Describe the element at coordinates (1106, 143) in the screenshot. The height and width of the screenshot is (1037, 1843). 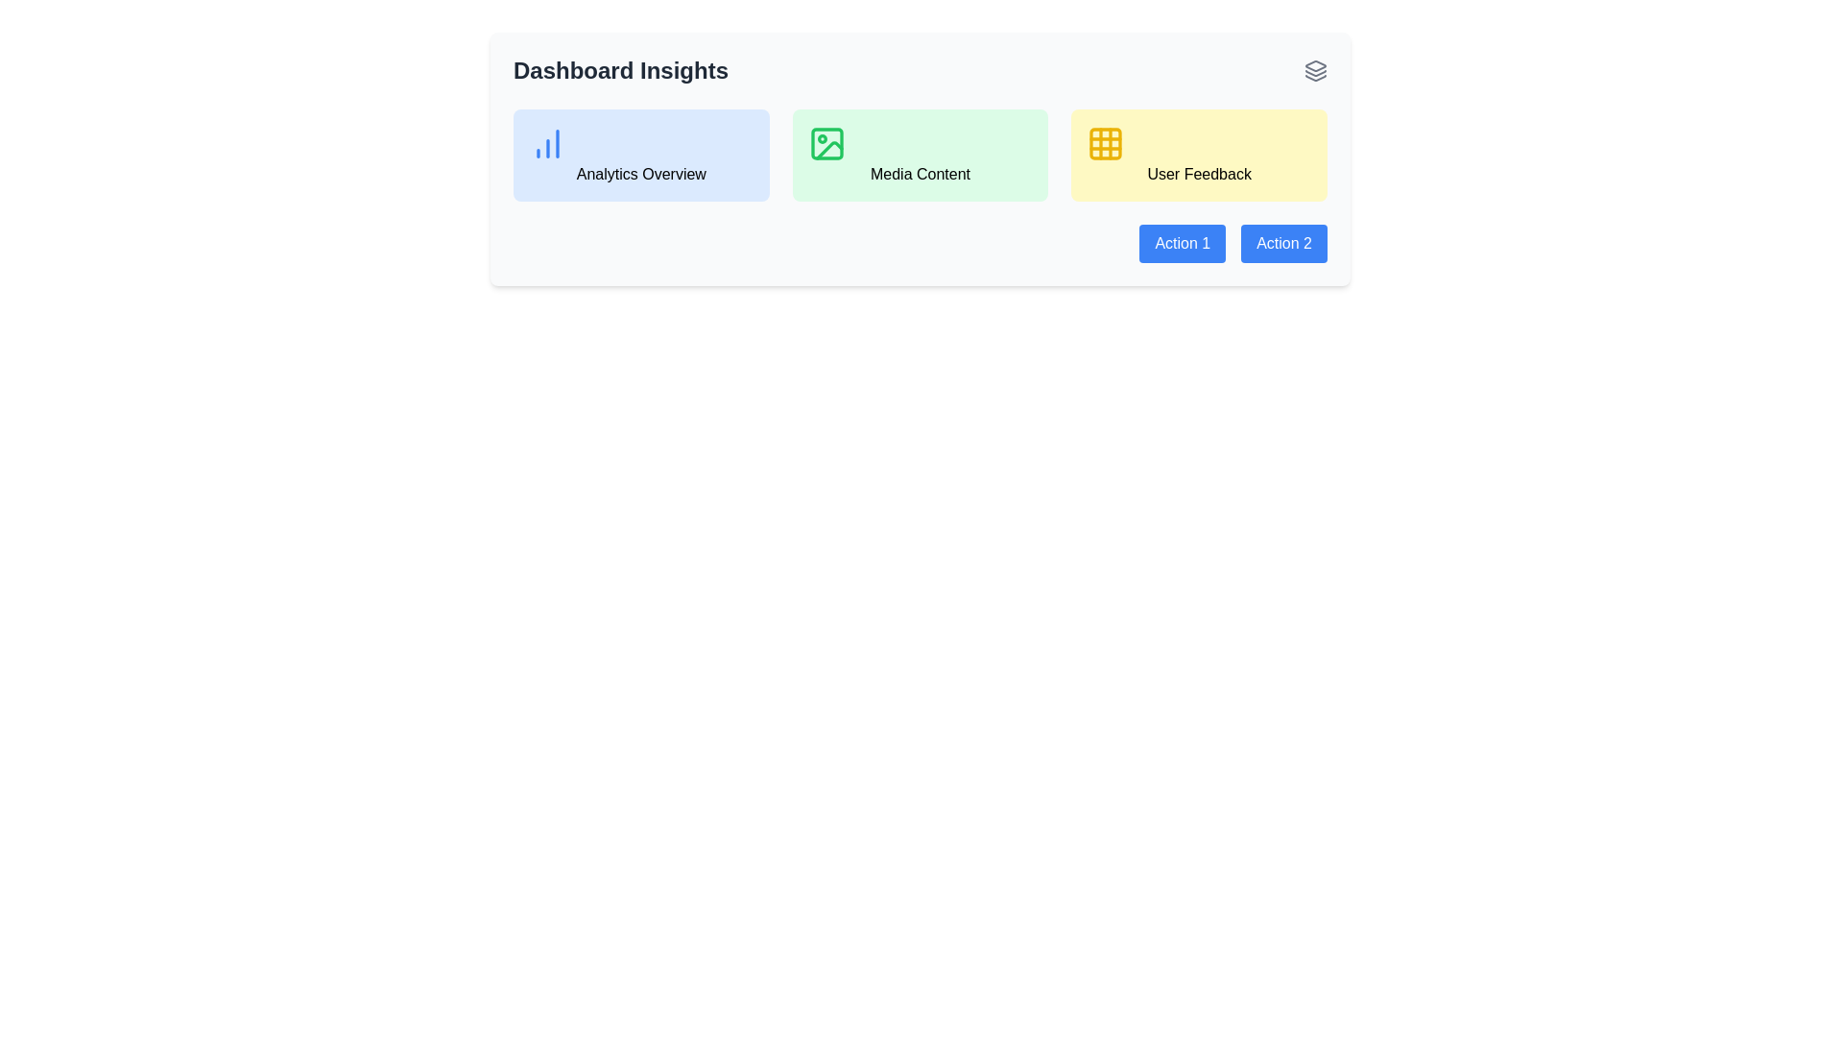
I see `the 'User Feedback' icon located in the third section of the layout, which serves as a visual cue for identification` at that location.